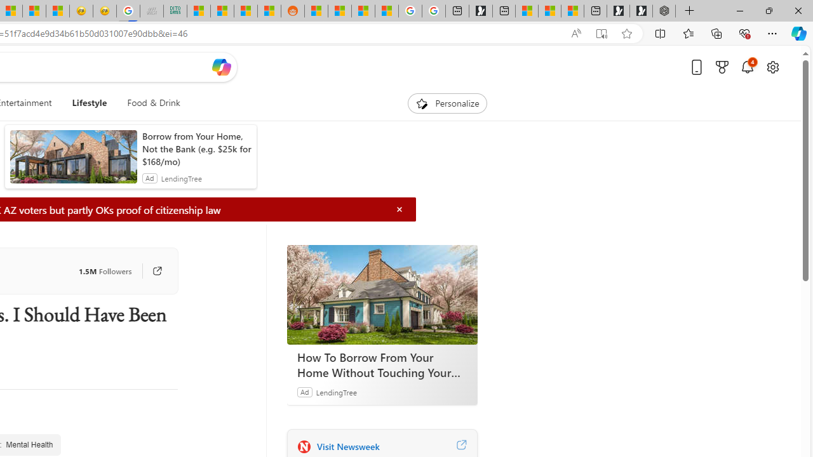  What do you see at coordinates (399, 209) in the screenshot?
I see `'Hide'` at bounding box center [399, 209].